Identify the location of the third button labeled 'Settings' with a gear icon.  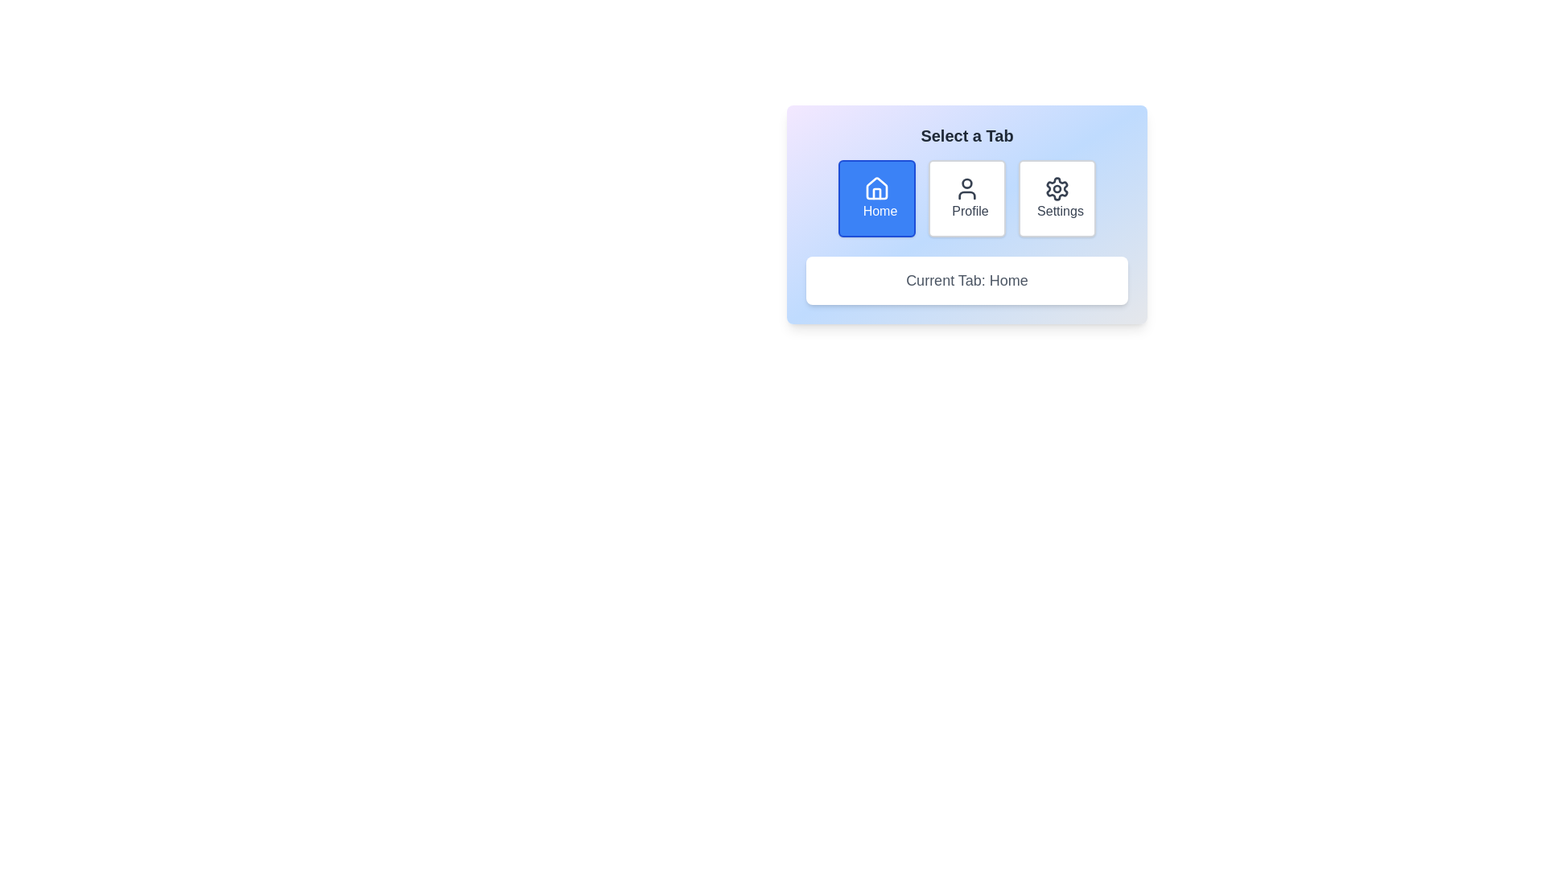
(1057, 197).